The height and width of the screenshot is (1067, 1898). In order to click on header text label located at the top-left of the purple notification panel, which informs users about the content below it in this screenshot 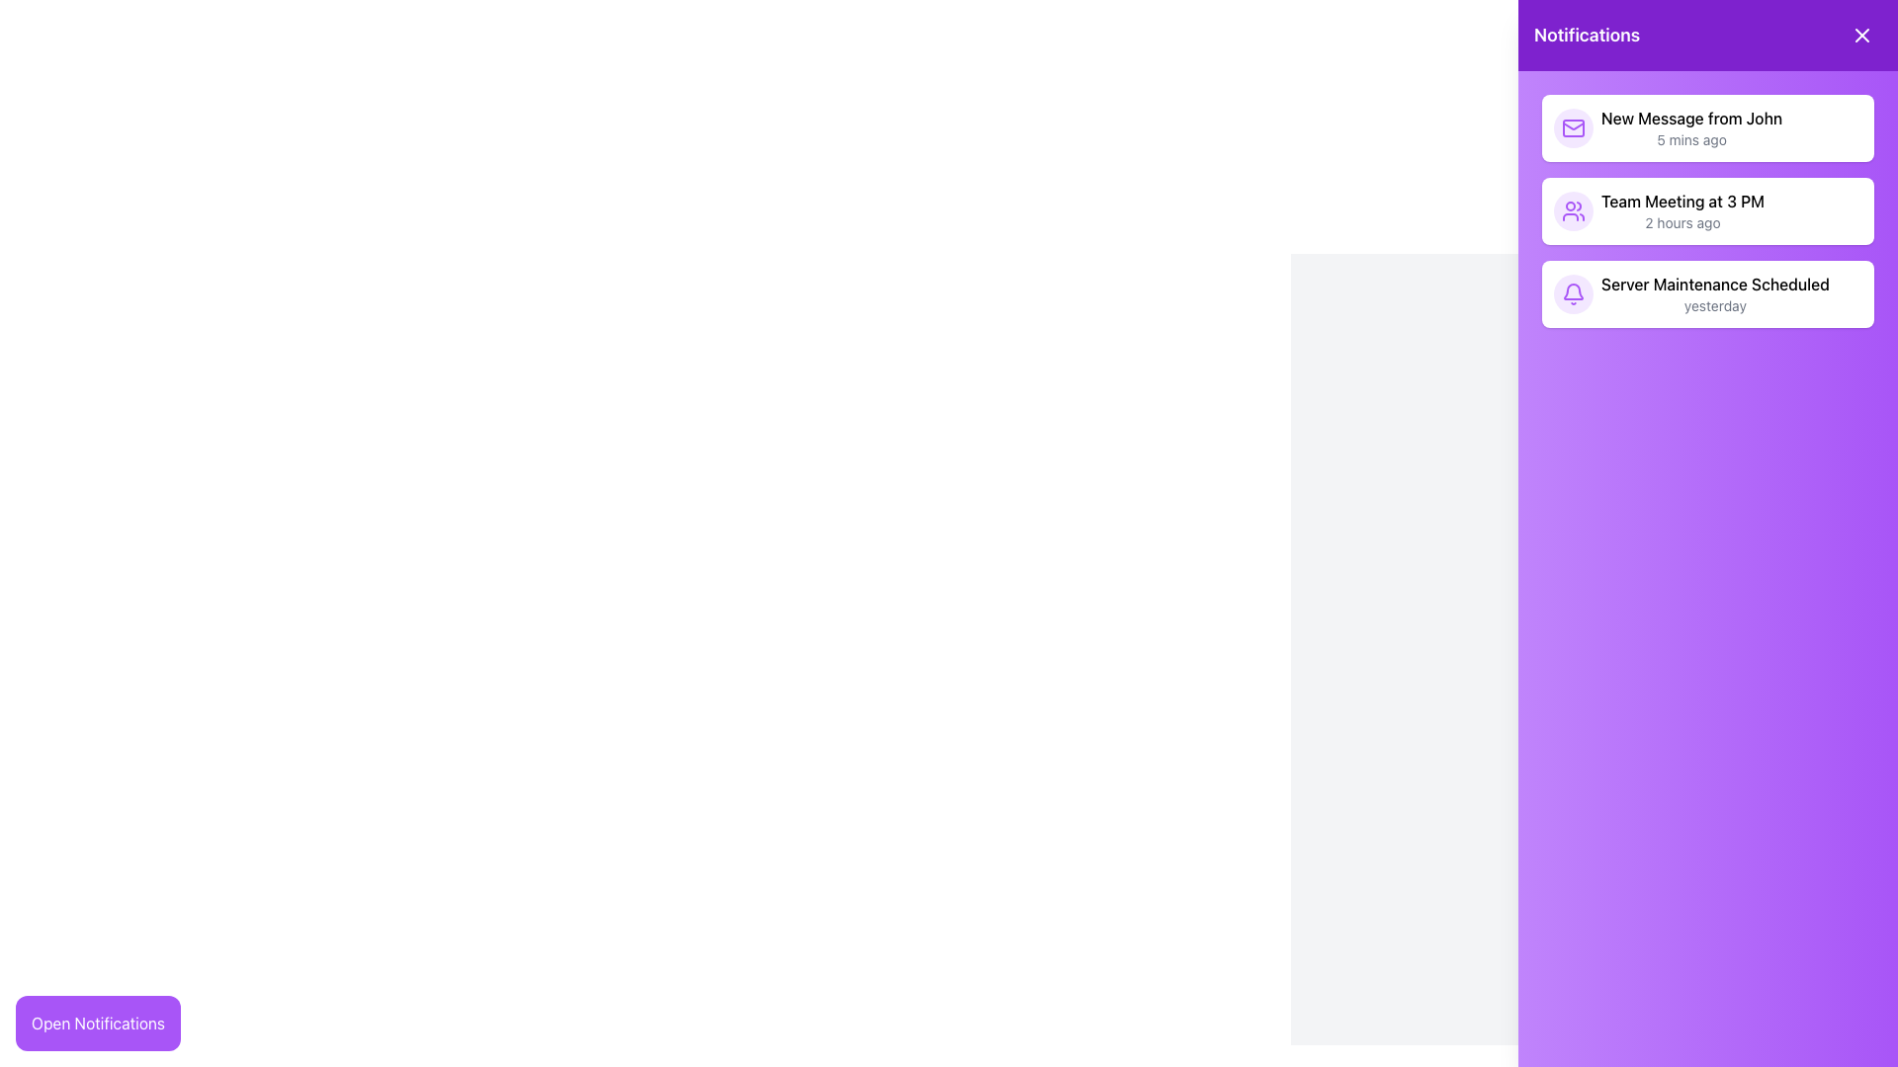, I will do `click(1587, 35)`.